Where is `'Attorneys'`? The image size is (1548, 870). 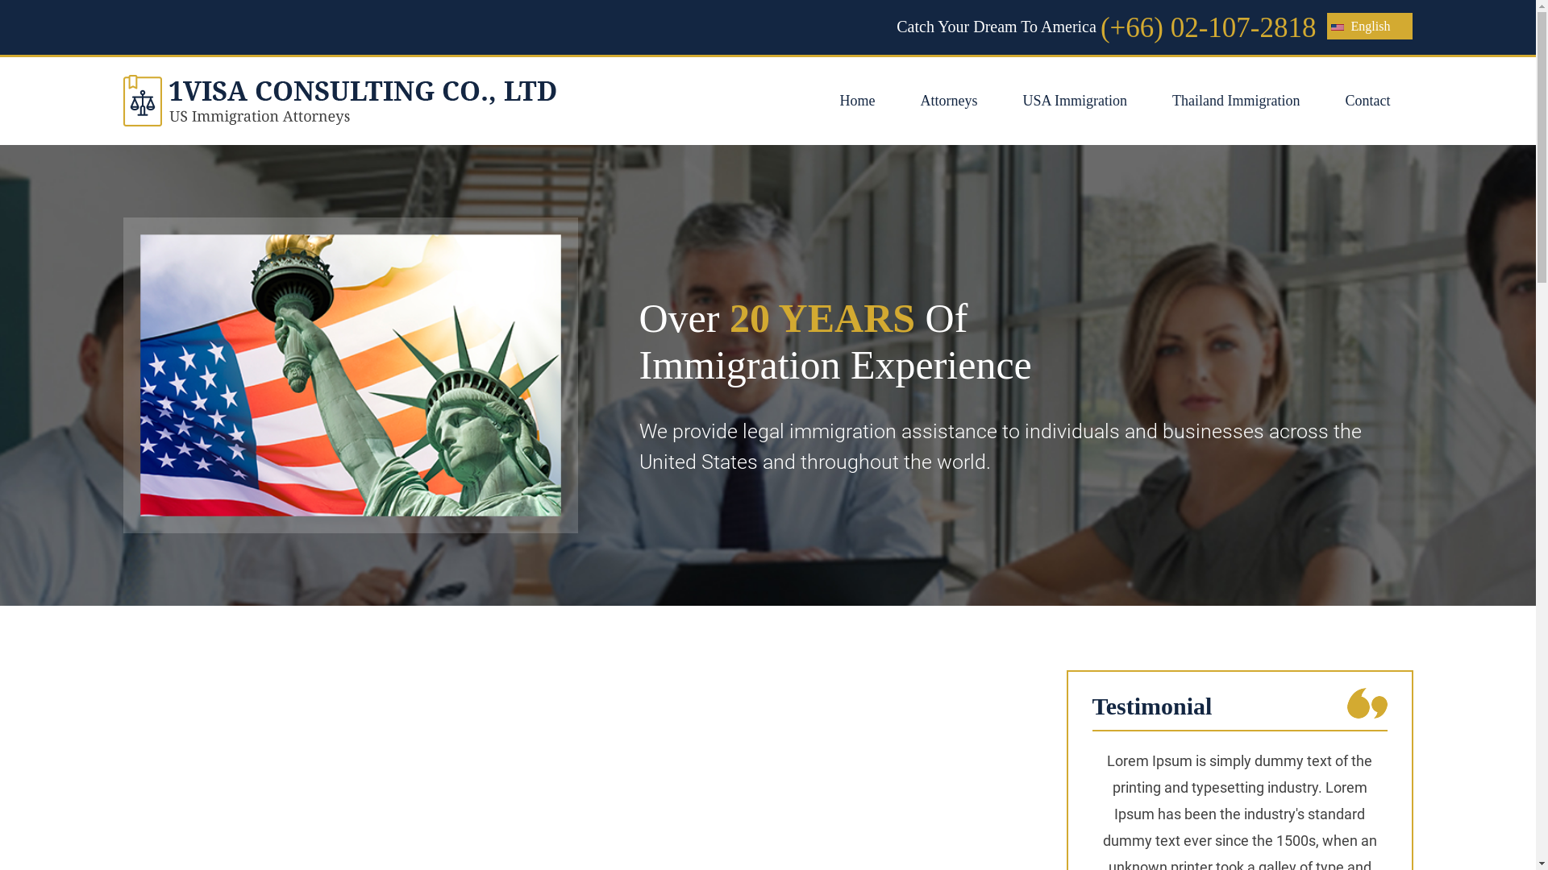
'Attorneys' is located at coordinates (949, 101).